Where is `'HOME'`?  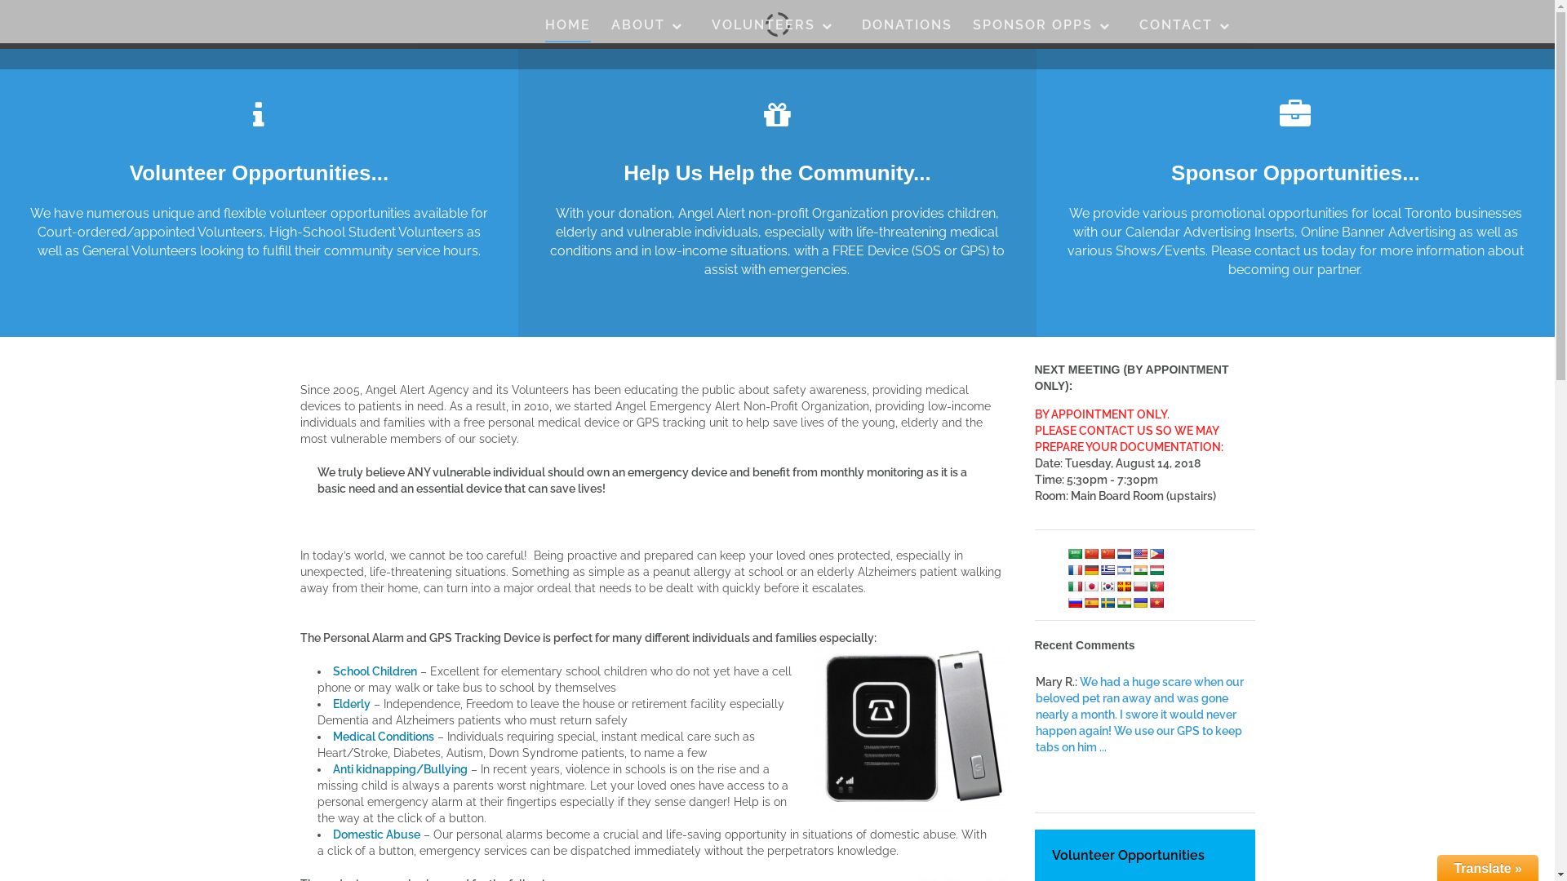 'HOME' is located at coordinates (568, 29).